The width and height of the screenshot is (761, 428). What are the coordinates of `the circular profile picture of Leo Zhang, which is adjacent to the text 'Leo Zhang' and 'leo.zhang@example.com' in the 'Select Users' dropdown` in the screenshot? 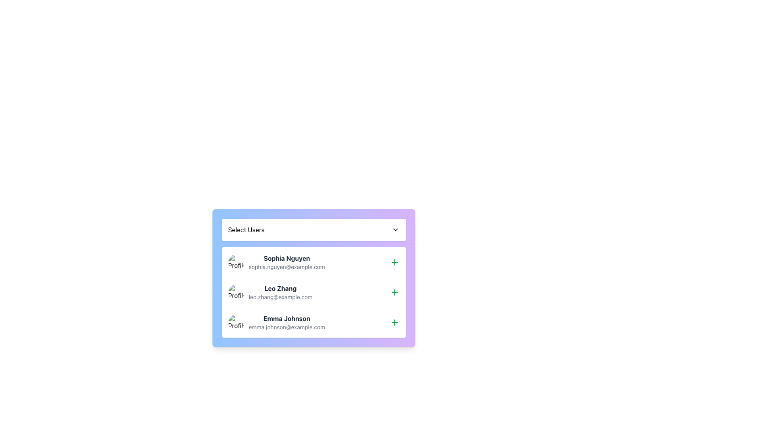 It's located at (235, 292).